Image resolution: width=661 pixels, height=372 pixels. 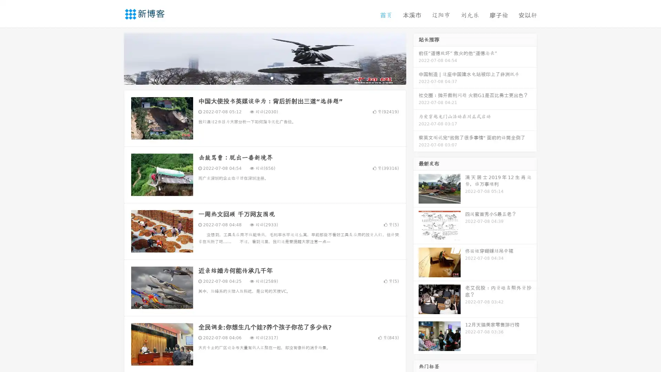 What do you see at coordinates (416, 58) in the screenshot?
I see `Next slide` at bounding box center [416, 58].